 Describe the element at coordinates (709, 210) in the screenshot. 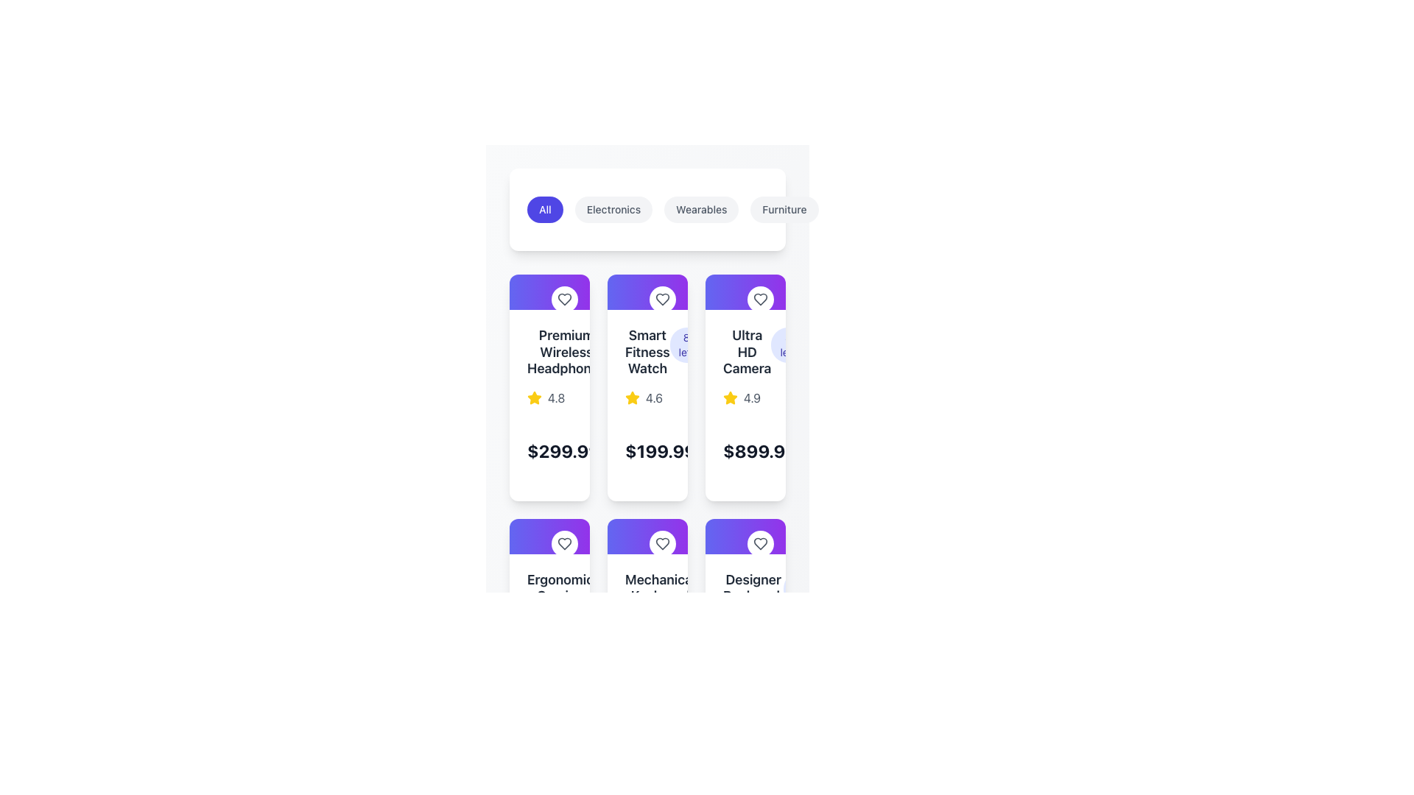

I see `the 'Wearables' filter button located in the top central section of the interface to filter displayed products by the wearables category` at that location.